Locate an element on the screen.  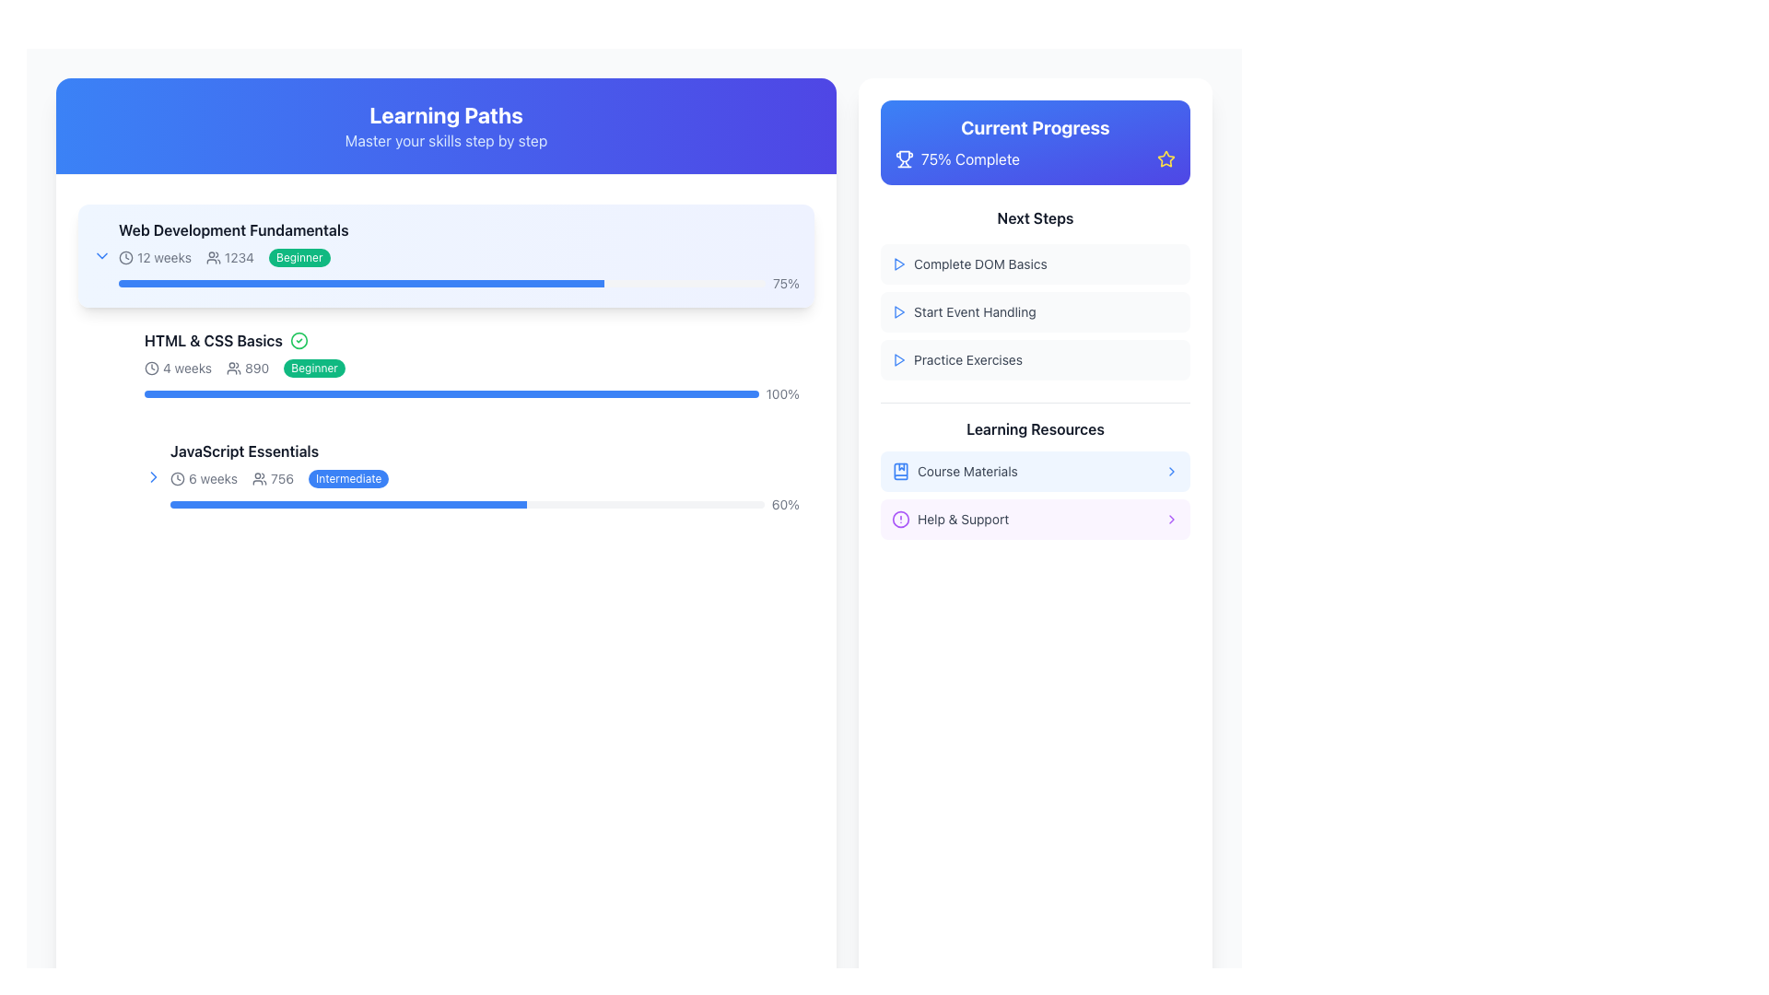
the participant count text element located in the first entry of the 'Web Development Fundamentals' list, positioned to the right of '12 weeks' and to the left of the 'Beginner' label is located at coordinates (228, 258).